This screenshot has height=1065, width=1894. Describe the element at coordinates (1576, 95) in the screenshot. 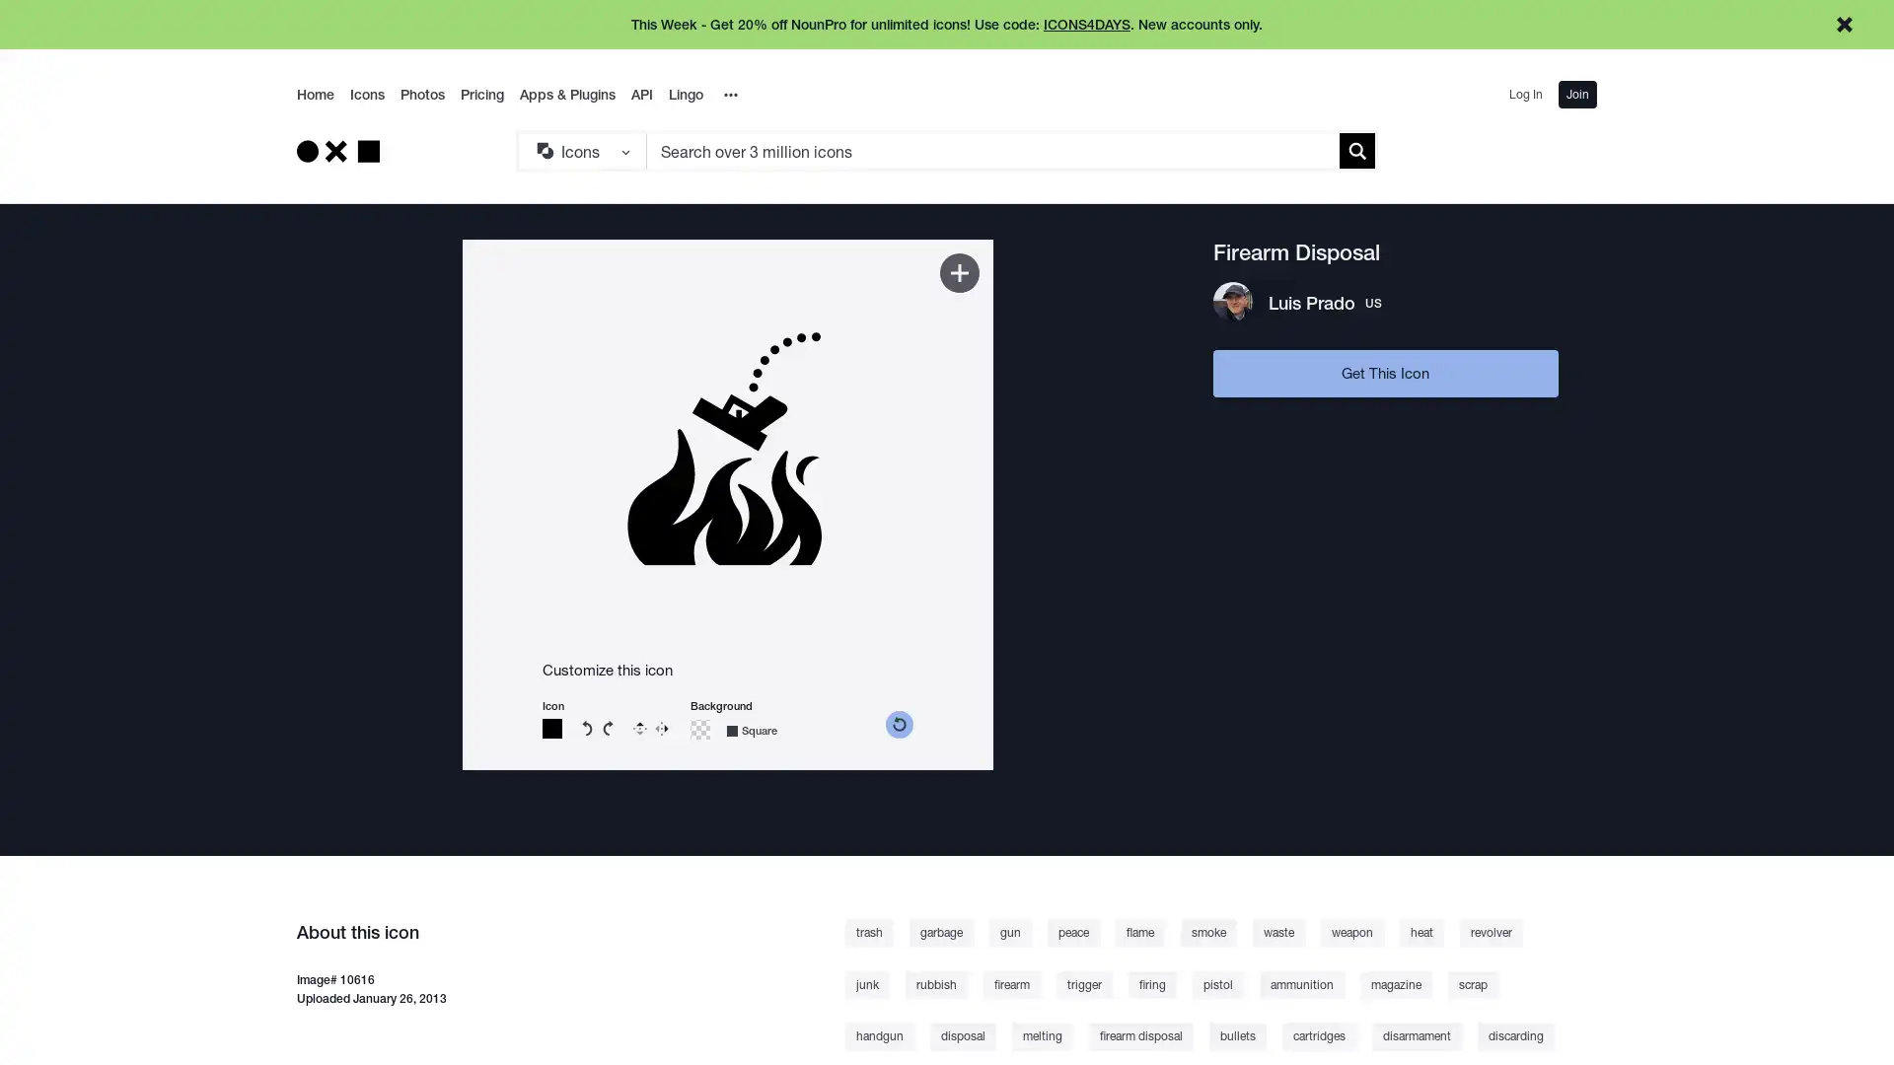

I see `Join` at that location.